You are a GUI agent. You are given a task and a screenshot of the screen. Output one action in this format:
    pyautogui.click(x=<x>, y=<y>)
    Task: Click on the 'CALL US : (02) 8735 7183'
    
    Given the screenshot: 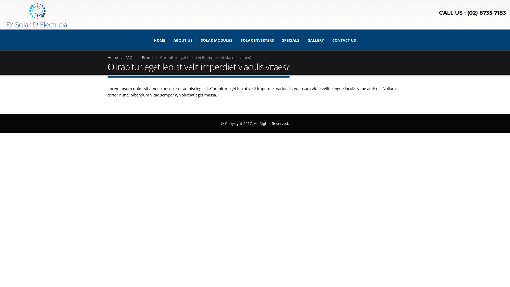 What is the action you would take?
    pyautogui.click(x=473, y=12)
    